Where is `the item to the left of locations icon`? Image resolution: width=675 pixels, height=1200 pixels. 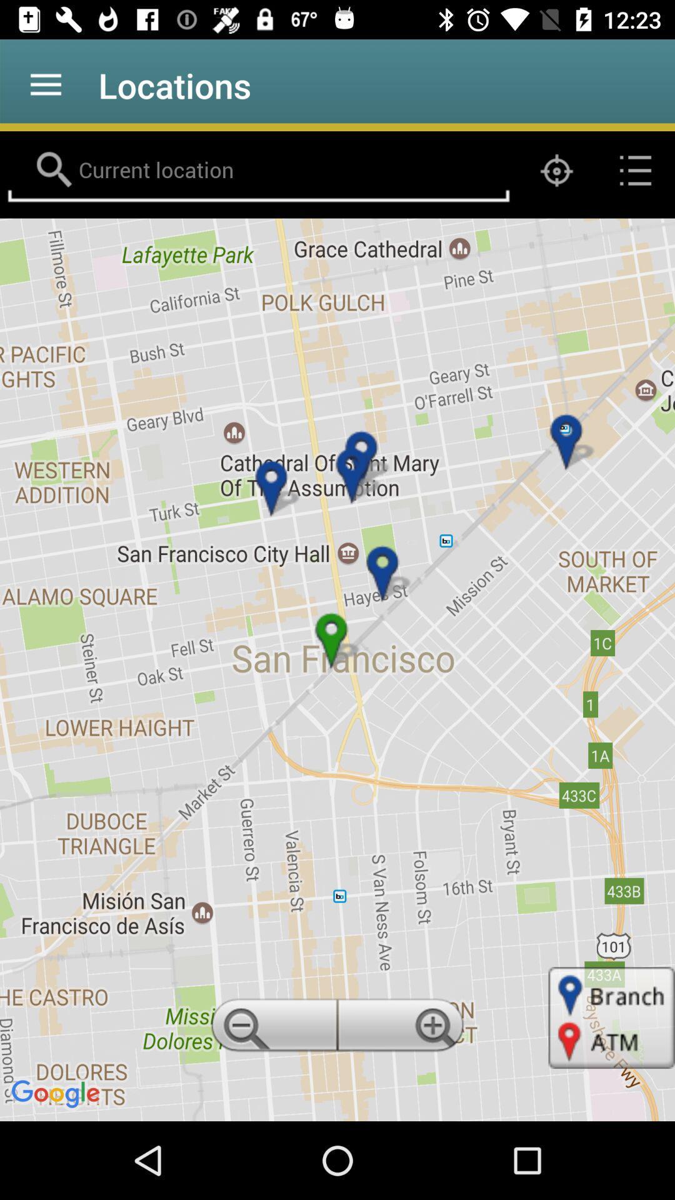 the item to the left of locations icon is located at coordinates (45, 84).